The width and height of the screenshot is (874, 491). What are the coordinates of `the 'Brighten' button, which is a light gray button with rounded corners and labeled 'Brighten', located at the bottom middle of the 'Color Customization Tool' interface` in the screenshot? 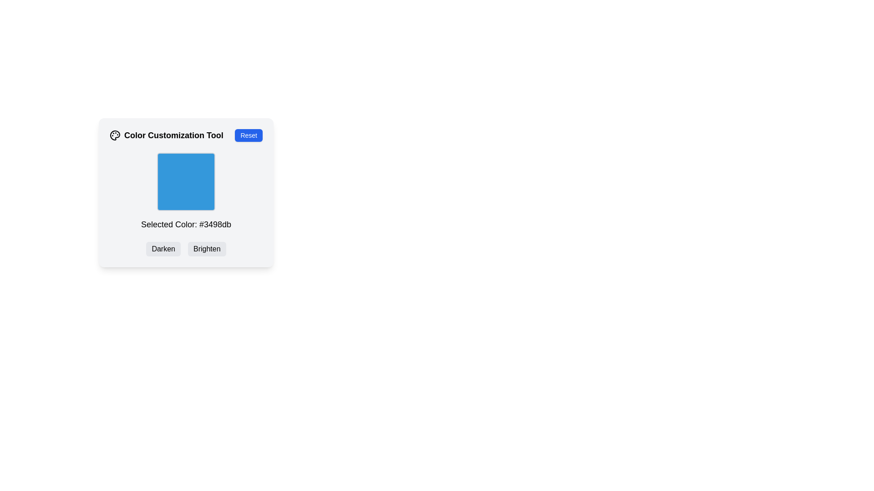 It's located at (206, 249).